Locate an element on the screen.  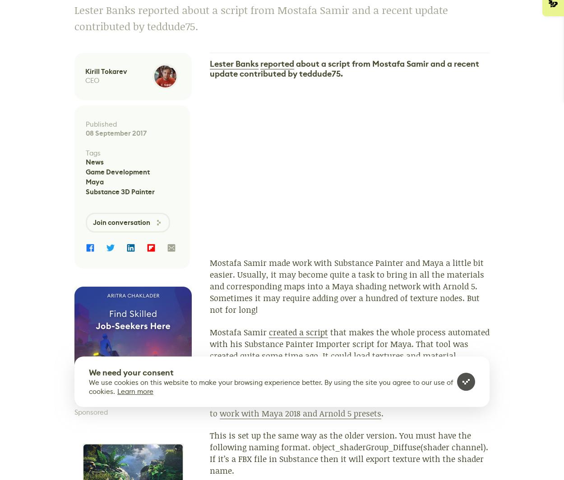
'reported' is located at coordinates (277, 63).